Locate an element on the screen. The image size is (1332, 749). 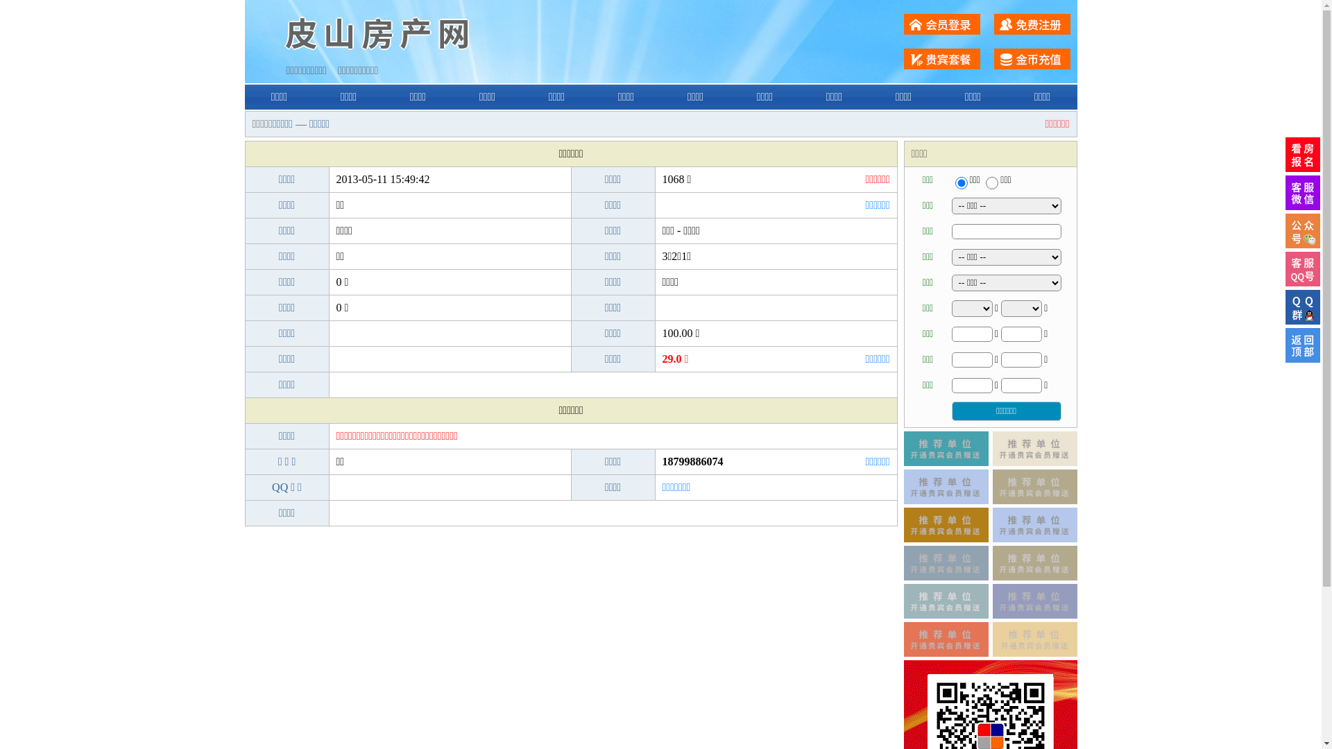
'chuzu' is located at coordinates (991, 182).